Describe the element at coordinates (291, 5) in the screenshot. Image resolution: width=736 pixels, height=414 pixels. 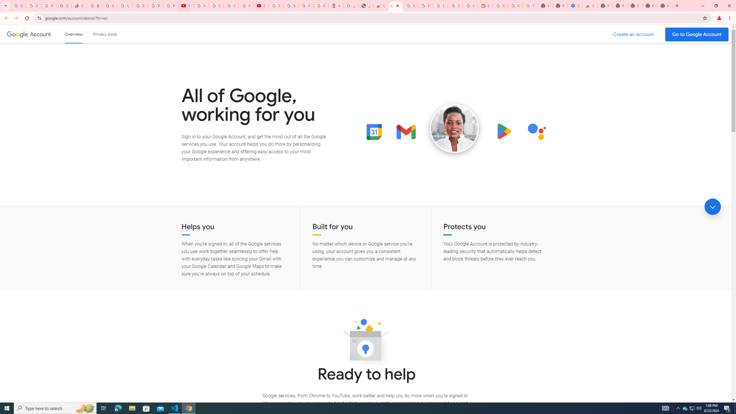
I see `'Sign in - Google Accounts'` at that location.